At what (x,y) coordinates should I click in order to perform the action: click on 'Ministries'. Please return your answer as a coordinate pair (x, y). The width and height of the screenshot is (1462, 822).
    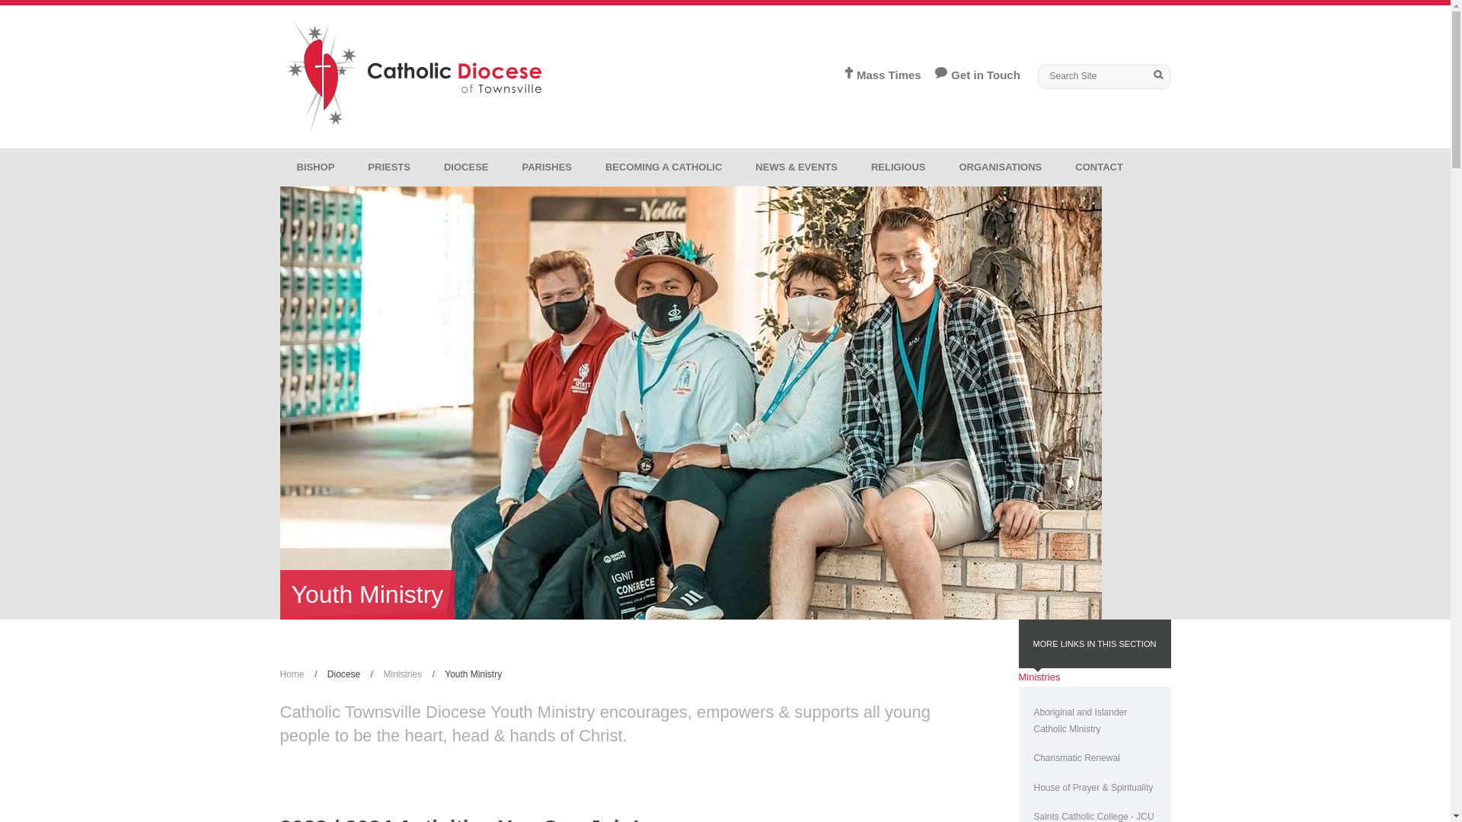
    Looking at the image, I should click on (402, 674).